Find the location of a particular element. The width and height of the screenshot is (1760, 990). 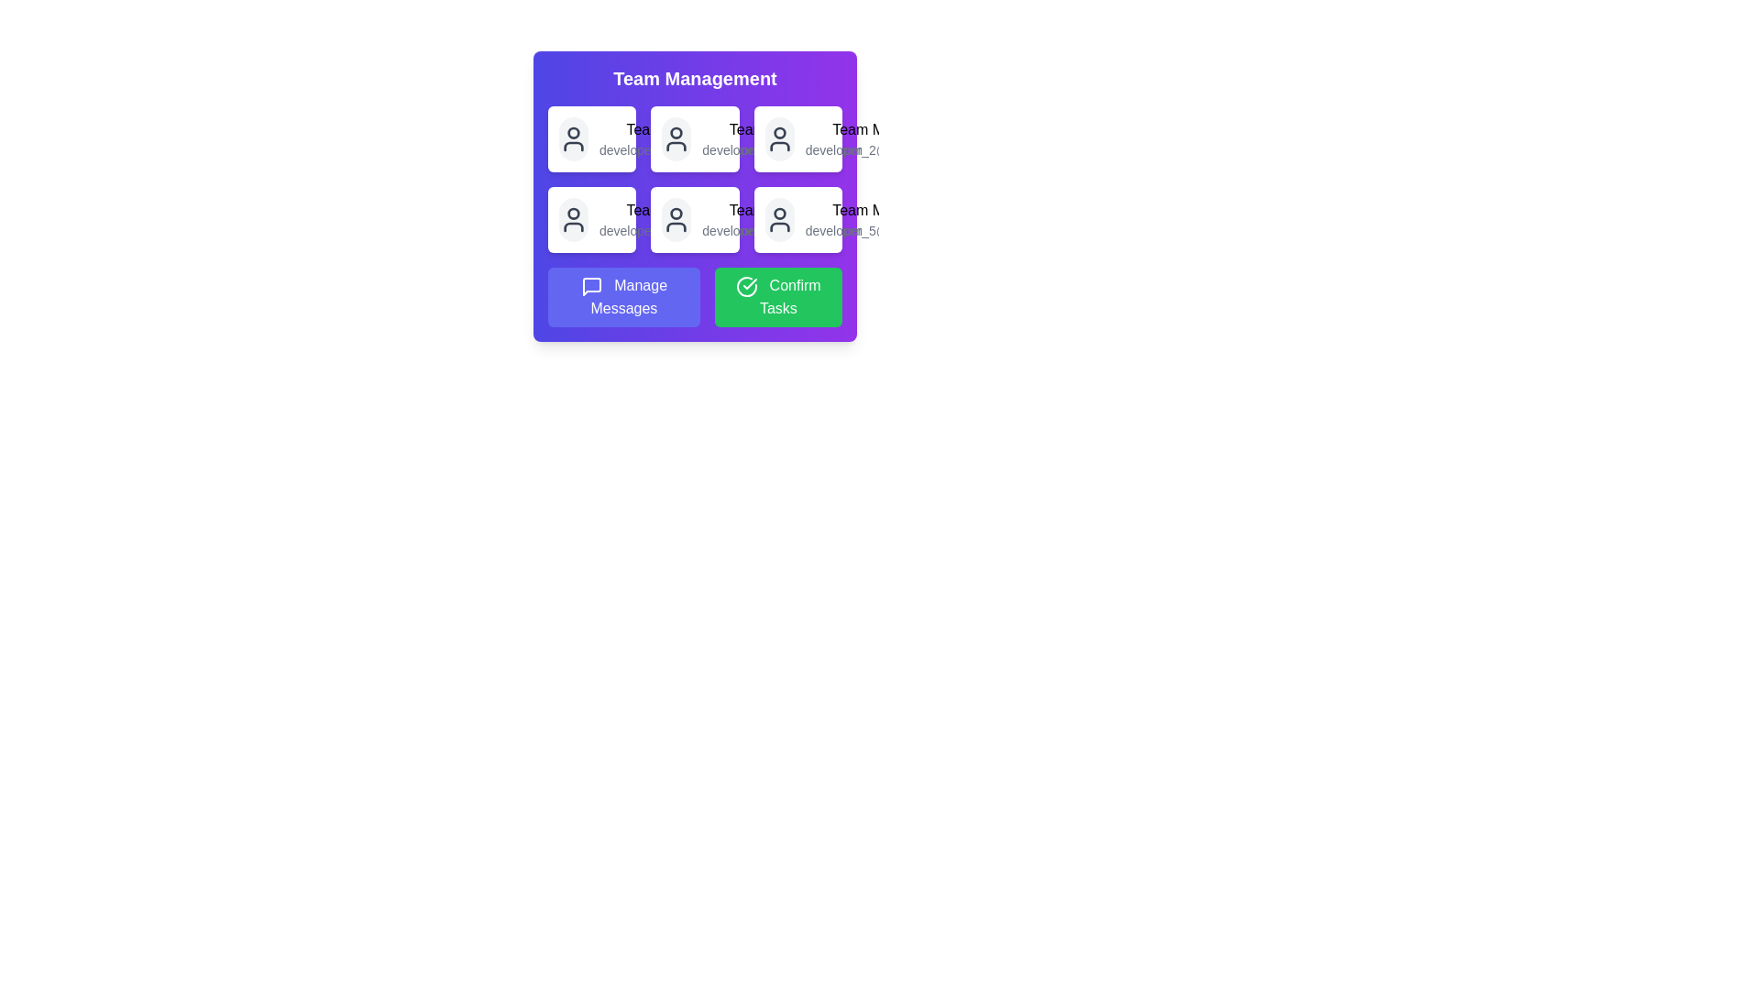

the User Icon, which is a minimalistic profile silhouette within a light gray circular background, located at the center of the grid in the 'Team Management' card is located at coordinates (676, 137).